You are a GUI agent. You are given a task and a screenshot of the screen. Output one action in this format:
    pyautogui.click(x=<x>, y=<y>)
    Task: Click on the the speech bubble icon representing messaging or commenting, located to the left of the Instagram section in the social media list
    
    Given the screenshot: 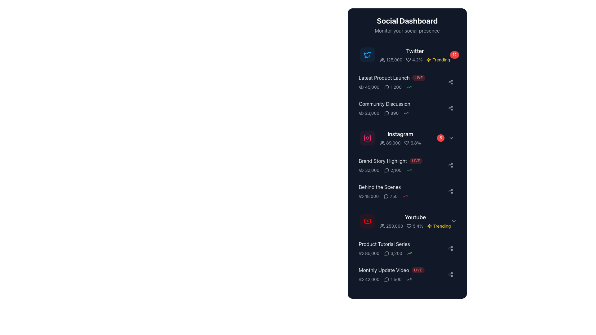 What is the action you would take?
    pyautogui.click(x=386, y=170)
    